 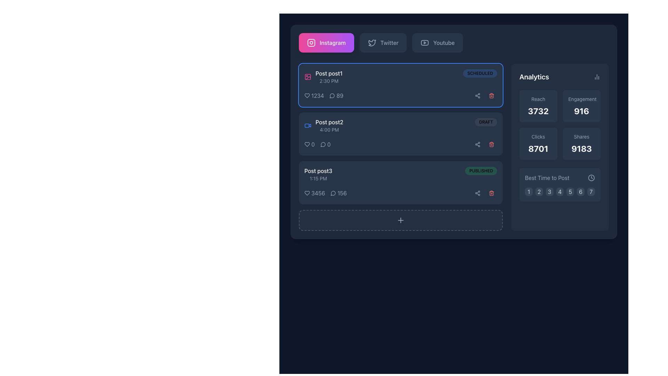 I want to click on the interactive button located at the bottom of the column, below the last post titled 'Post post3' with the time '1:15 PM', so click(x=401, y=220).